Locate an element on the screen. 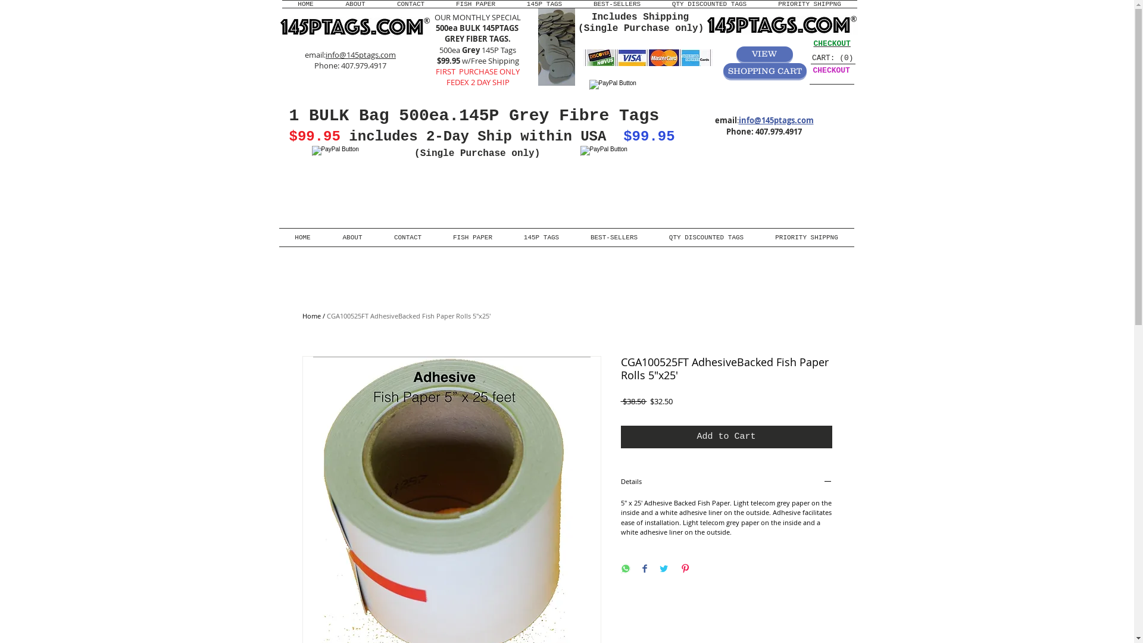  '145P TAGS' is located at coordinates (541, 237).